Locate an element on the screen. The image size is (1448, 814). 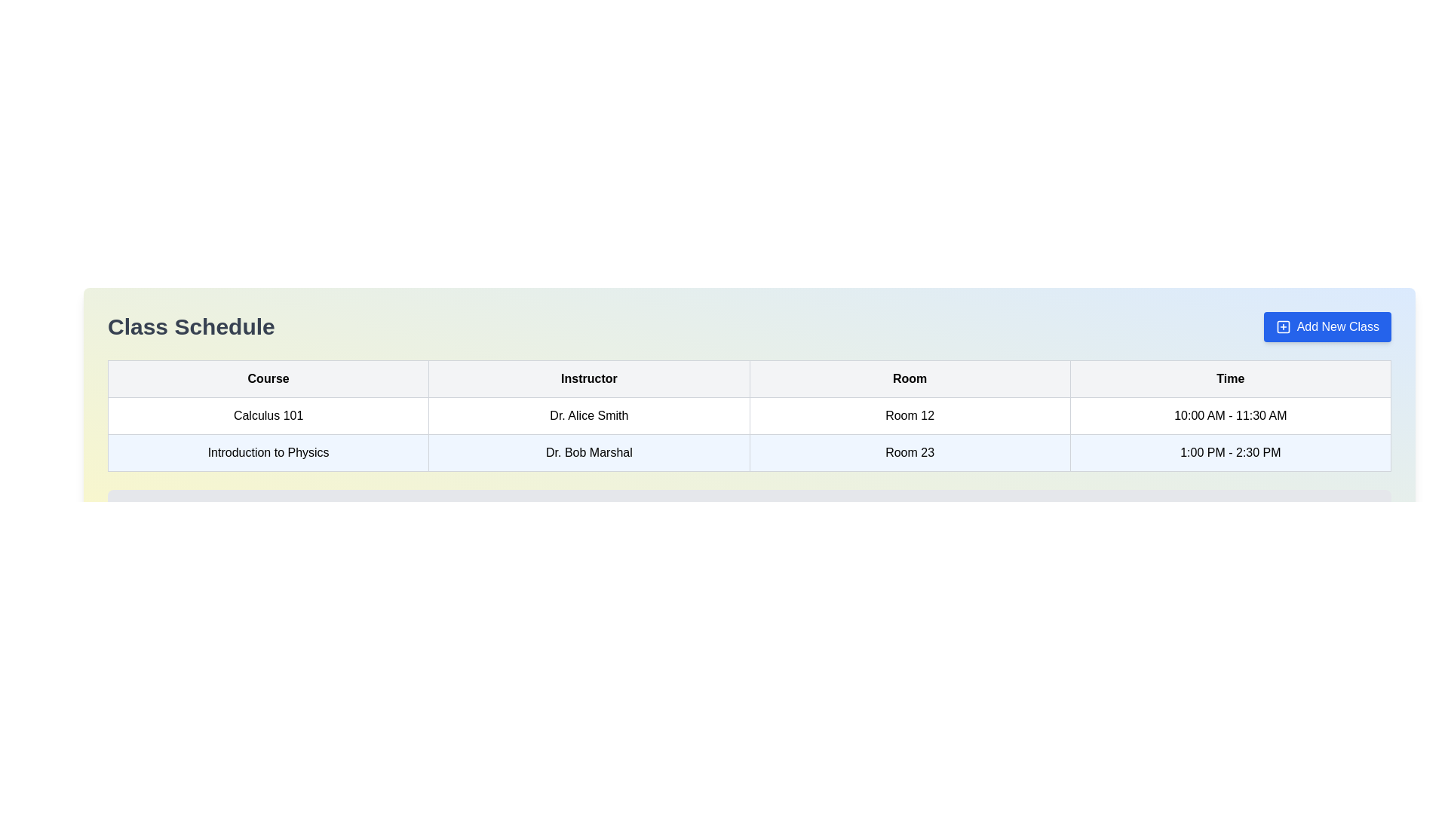
the third table header cell located between 'Instructor' and 'Time', which serves as a column header for room assignments is located at coordinates (909, 378).